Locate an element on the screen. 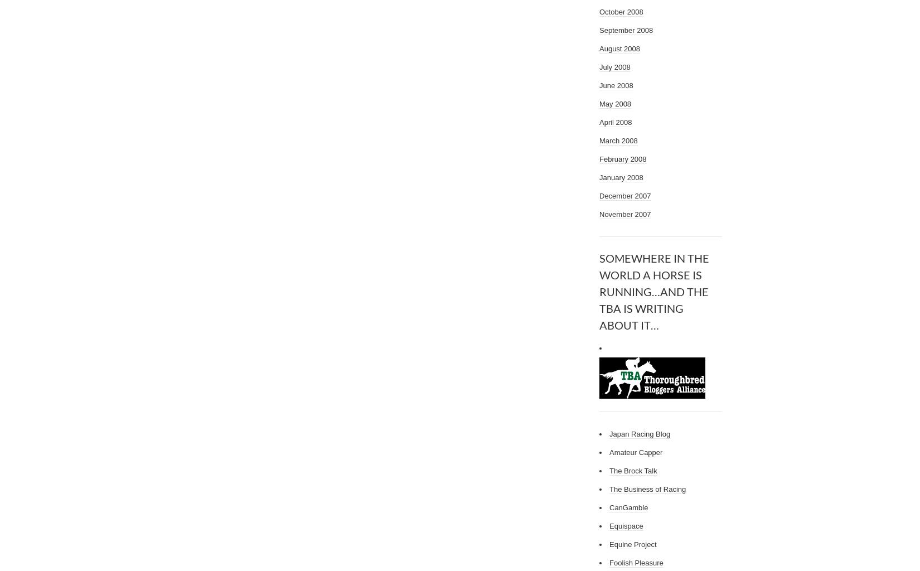 The image size is (920, 571). 'Japan Racing Blog' is located at coordinates (640, 434).